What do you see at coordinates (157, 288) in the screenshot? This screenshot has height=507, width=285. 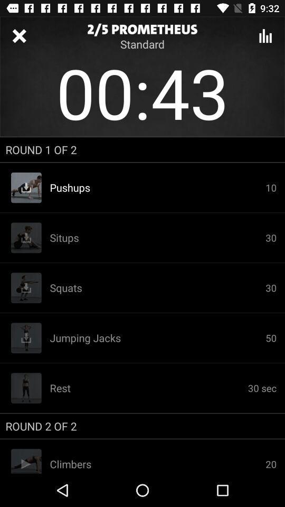 I see `icon to the left of 30 icon` at bounding box center [157, 288].